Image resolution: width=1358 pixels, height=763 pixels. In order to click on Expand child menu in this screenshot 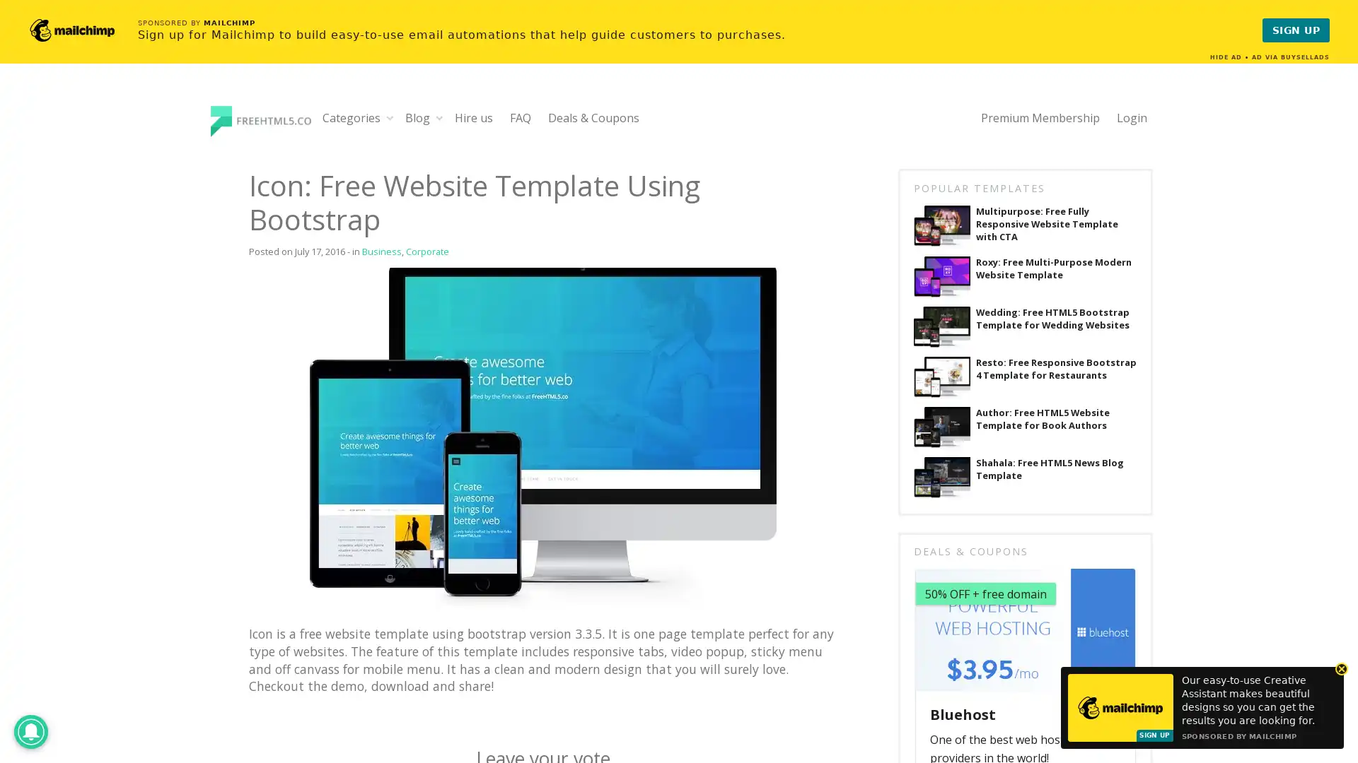, I will do `click(439, 117)`.